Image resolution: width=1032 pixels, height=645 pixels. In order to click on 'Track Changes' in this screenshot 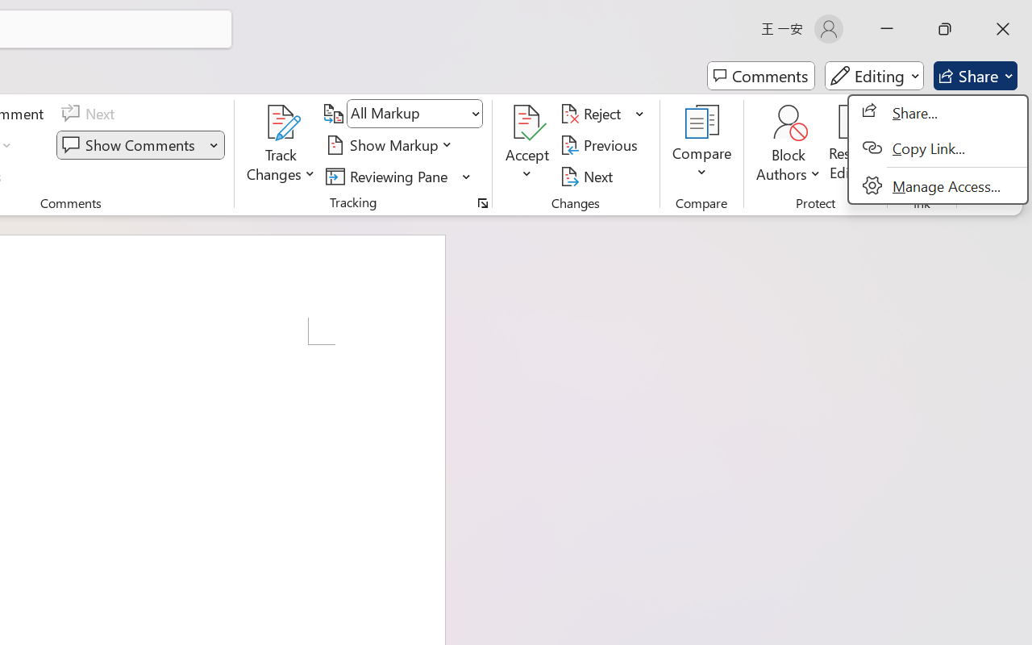, I will do `click(281, 122)`.